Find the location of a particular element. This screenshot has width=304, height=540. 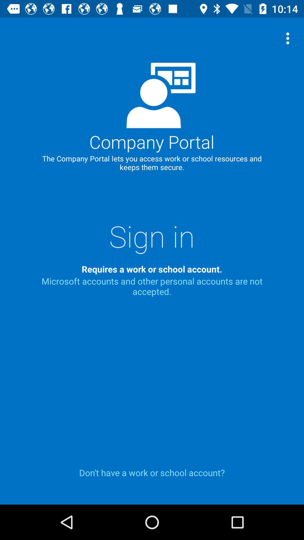

item above the requires a work is located at coordinates (152, 236).